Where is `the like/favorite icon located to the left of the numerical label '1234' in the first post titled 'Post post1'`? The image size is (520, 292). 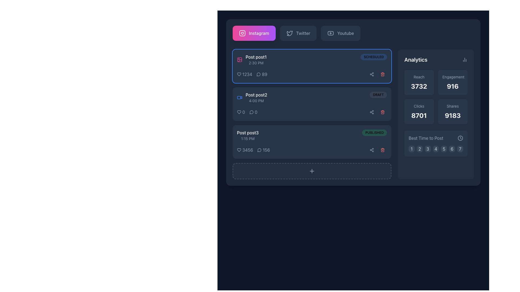 the like/favorite icon located to the left of the numerical label '1234' in the first post titled 'Post post1' is located at coordinates (239, 74).